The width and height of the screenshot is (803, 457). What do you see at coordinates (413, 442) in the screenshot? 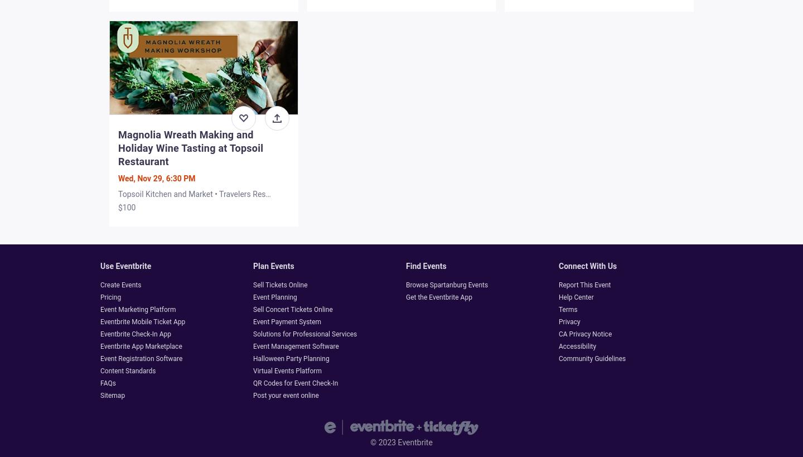
I see `'Eventbrite'` at bounding box center [413, 442].